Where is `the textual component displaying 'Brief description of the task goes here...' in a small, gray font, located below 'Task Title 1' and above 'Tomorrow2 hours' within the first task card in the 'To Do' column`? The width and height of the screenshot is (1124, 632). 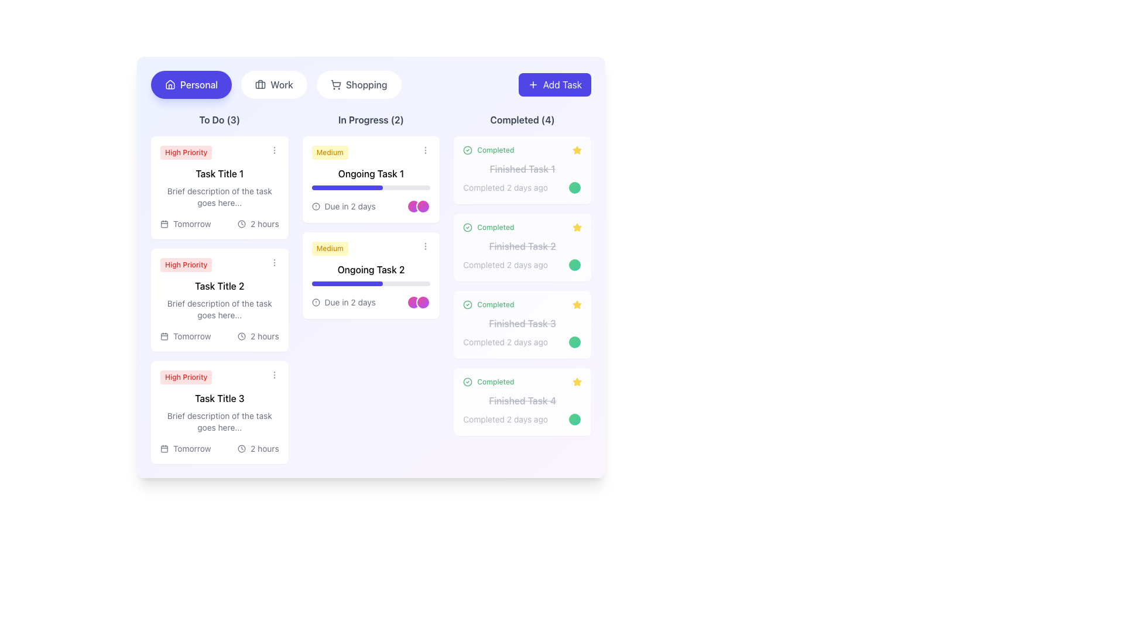 the textual component displaying 'Brief description of the task goes here...' in a small, gray font, located below 'Task Title 1' and above 'Tomorrow2 hours' within the first task card in the 'To Do' column is located at coordinates (220, 196).